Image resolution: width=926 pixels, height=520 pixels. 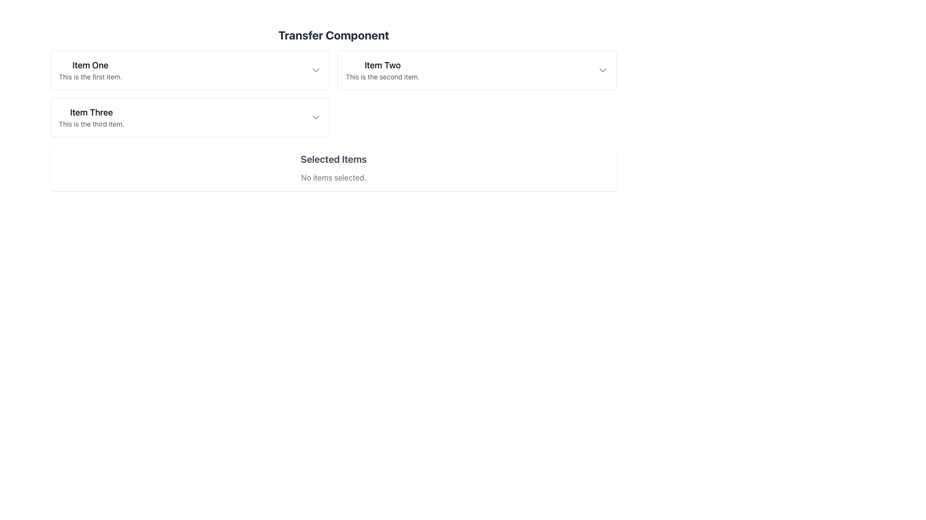 I want to click on the 'Item Two' component, so click(x=477, y=70).